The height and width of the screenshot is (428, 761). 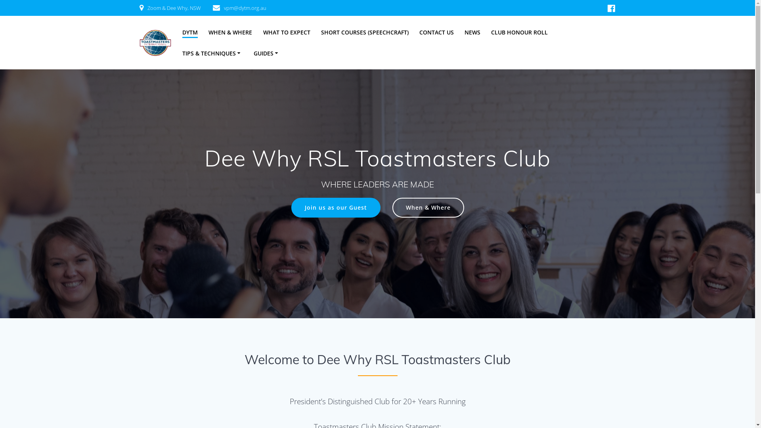 I want to click on 'When & Where', so click(x=428, y=207).